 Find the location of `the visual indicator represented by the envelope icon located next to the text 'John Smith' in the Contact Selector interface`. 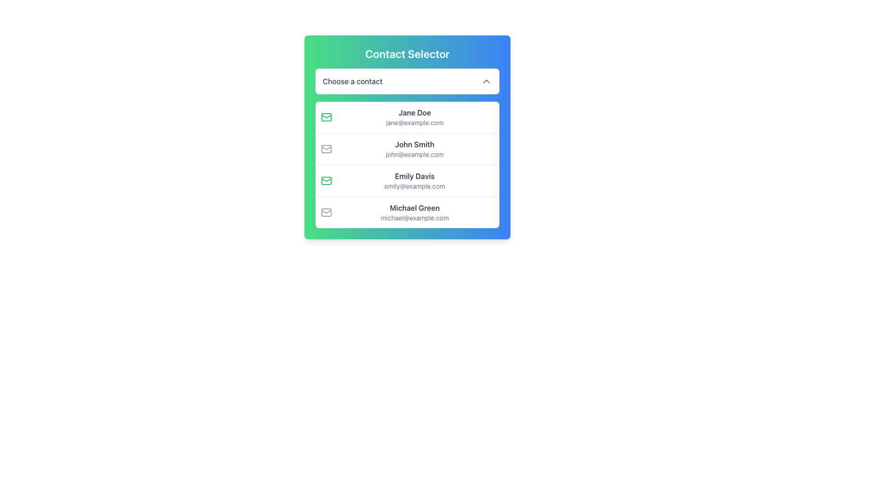

the visual indicator represented by the envelope icon located next to the text 'John Smith' in the Contact Selector interface is located at coordinates (327, 149).